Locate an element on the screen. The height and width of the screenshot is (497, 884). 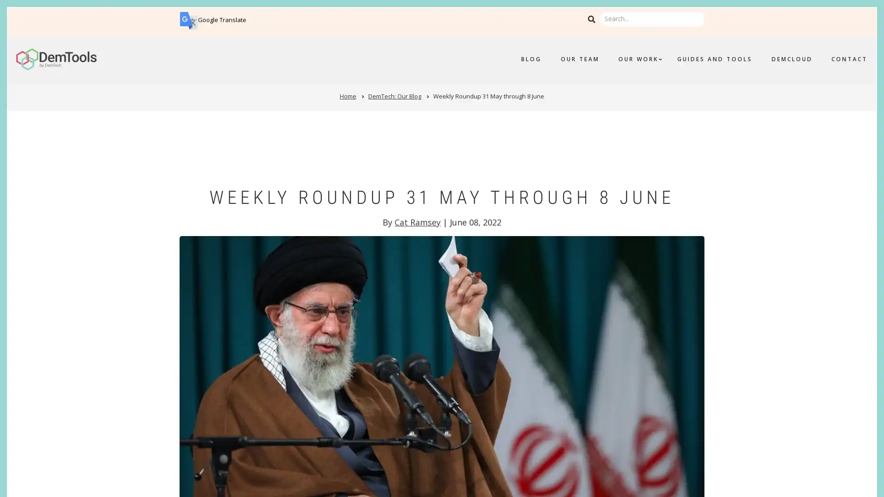
Search is located at coordinates (591, 19).